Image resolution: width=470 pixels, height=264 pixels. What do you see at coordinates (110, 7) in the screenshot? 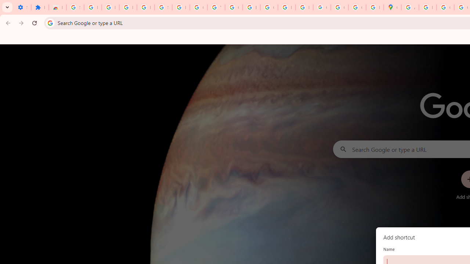
I see `'Delete photos & videos - Computer - Google Photos Help'` at bounding box center [110, 7].